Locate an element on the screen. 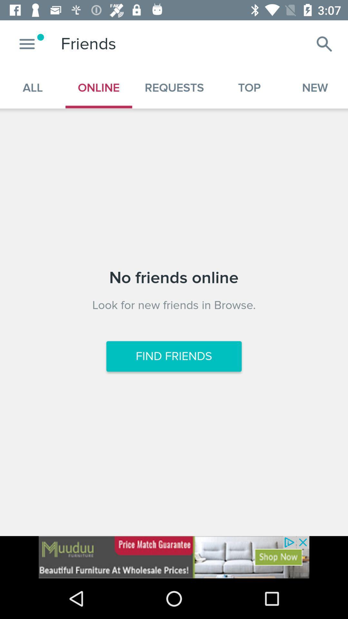 This screenshot has height=619, width=348. click the advertisement at bottom is located at coordinates (174, 557).